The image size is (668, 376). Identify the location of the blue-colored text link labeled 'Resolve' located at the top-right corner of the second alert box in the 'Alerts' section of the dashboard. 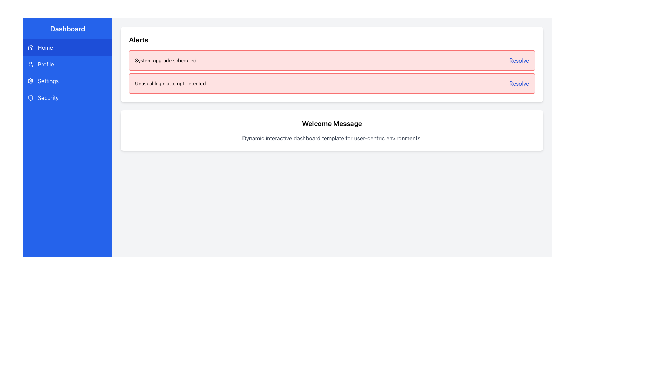
(519, 83).